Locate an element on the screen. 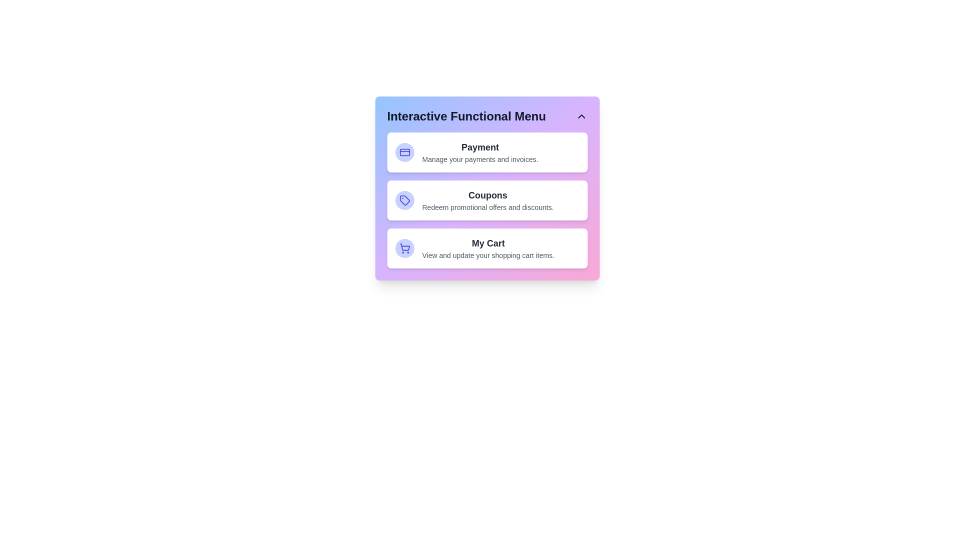 The height and width of the screenshot is (540, 961). the menu item My Cart to select it is located at coordinates (487, 248).